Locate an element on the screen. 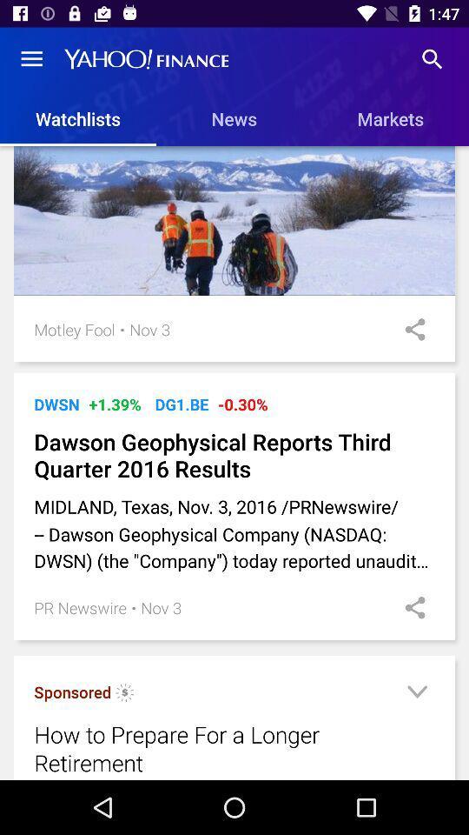 This screenshot has width=469, height=835. sponsored is located at coordinates (124, 695).